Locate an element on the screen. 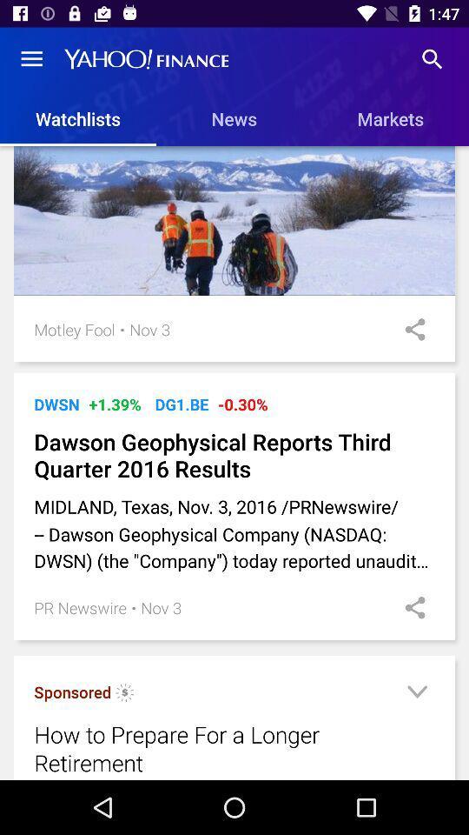 This screenshot has width=469, height=835. sponsored is located at coordinates (124, 695).